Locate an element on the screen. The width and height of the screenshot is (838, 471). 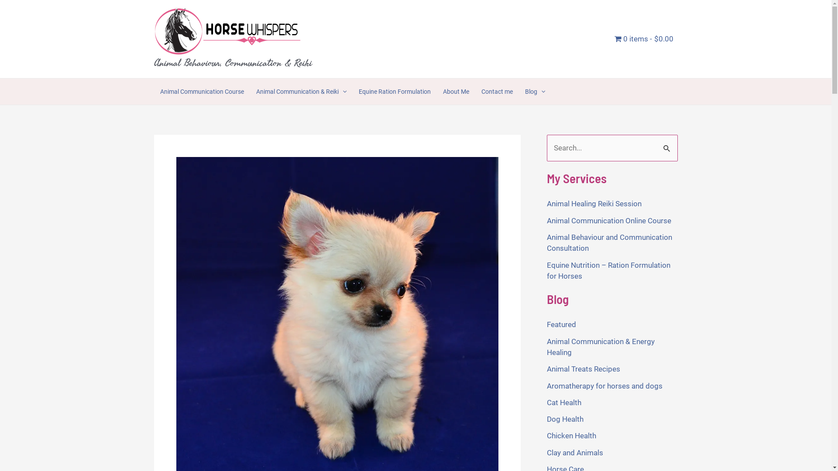
'Animal Communication Course' is located at coordinates (153, 91).